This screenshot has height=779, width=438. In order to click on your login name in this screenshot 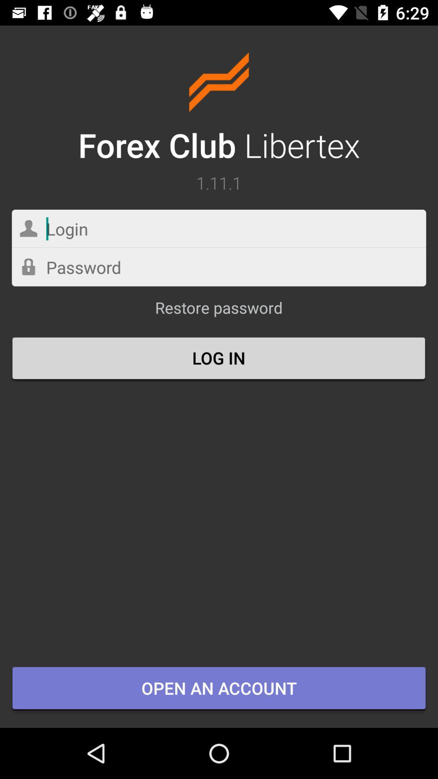, I will do `click(219, 228)`.